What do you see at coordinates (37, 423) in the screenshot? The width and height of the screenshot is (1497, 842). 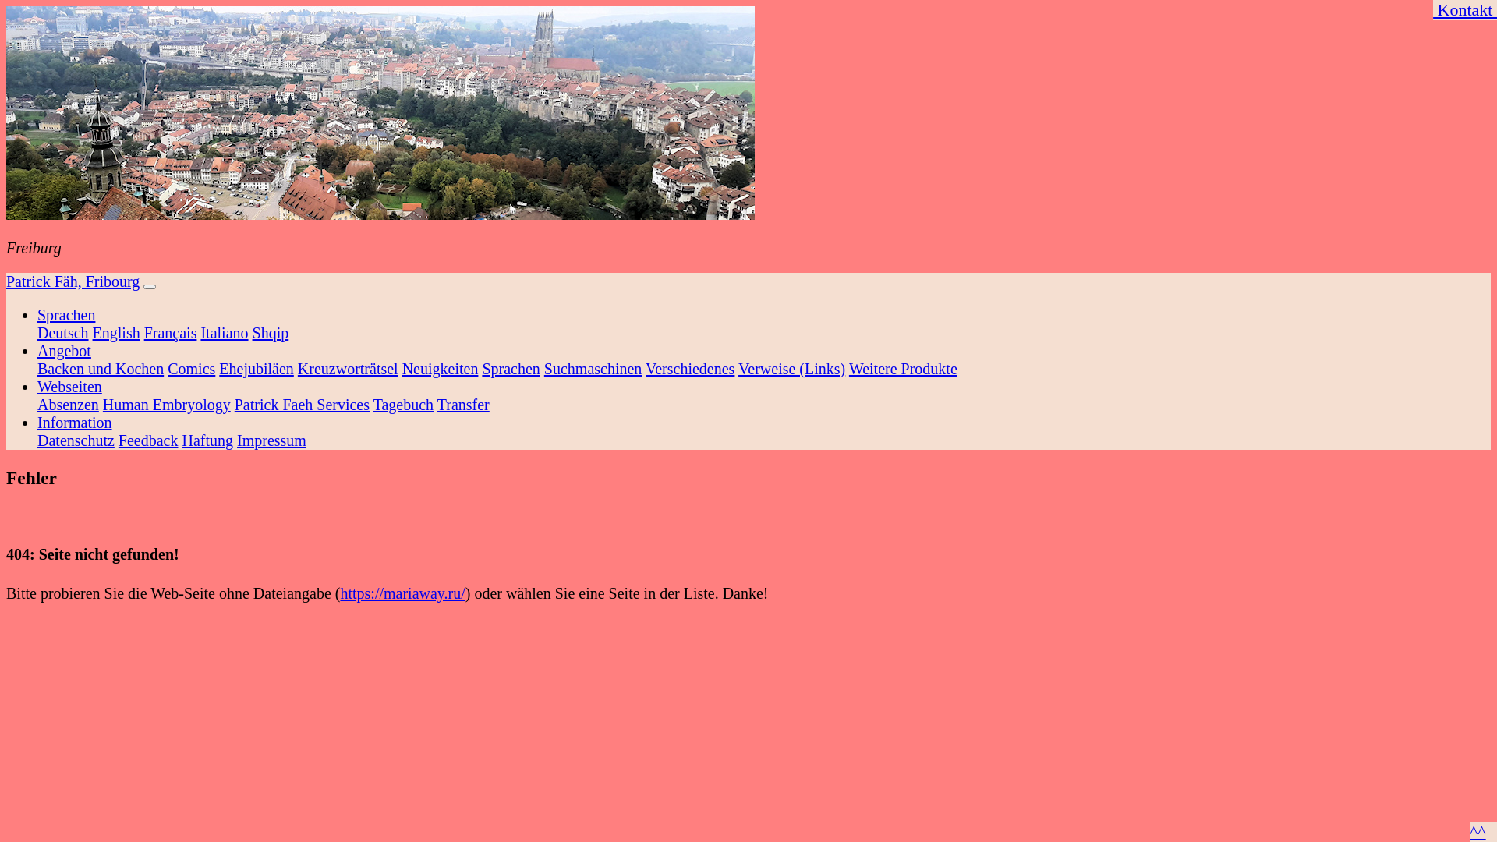 I see `'Information'` at bounding box center [37, 423].